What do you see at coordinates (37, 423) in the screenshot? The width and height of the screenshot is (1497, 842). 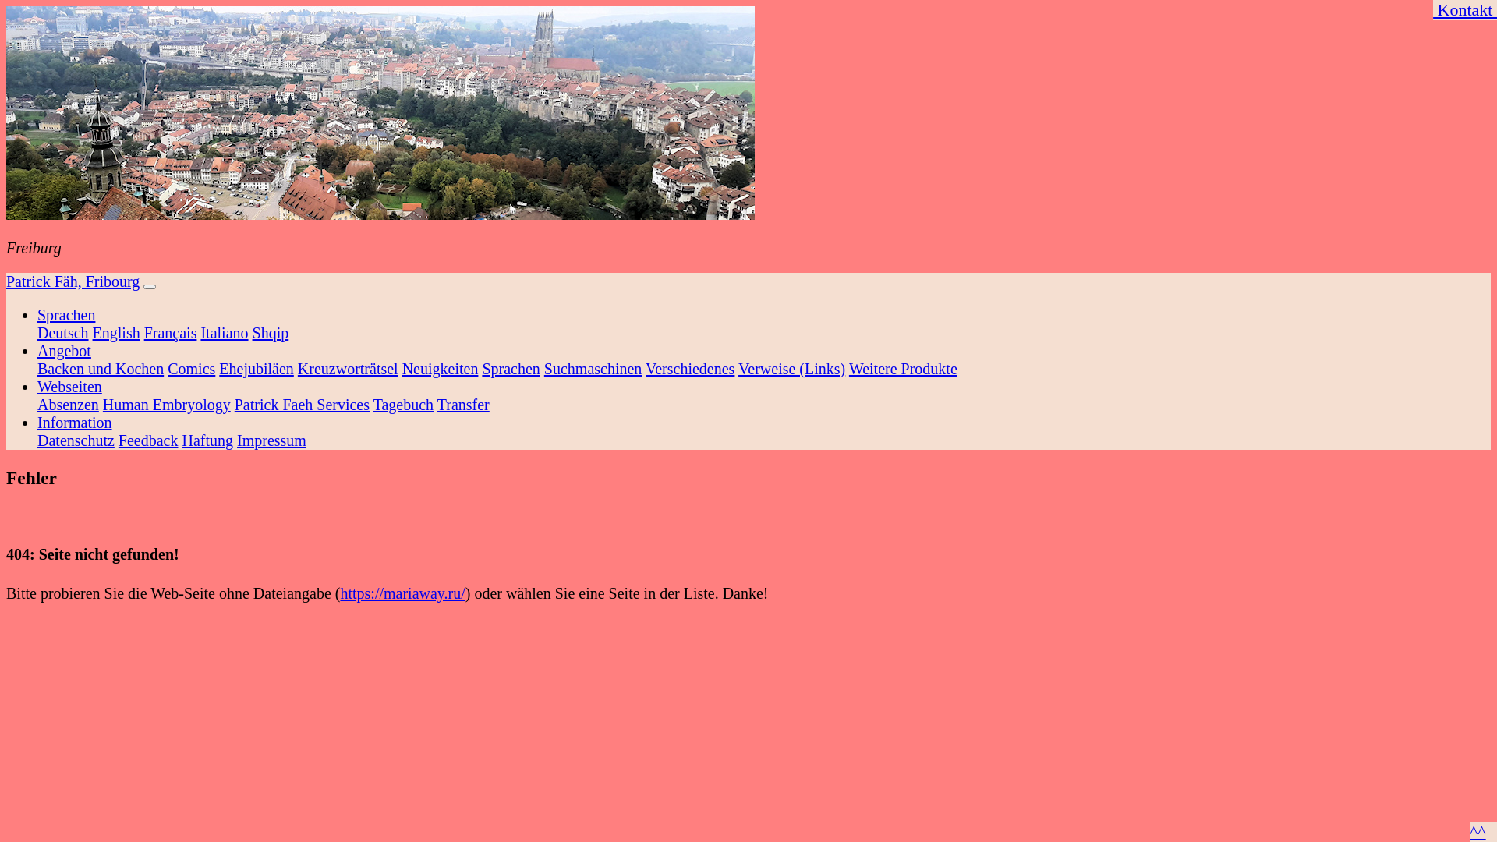 I see `'Information'` at bounding box center [37, 423].